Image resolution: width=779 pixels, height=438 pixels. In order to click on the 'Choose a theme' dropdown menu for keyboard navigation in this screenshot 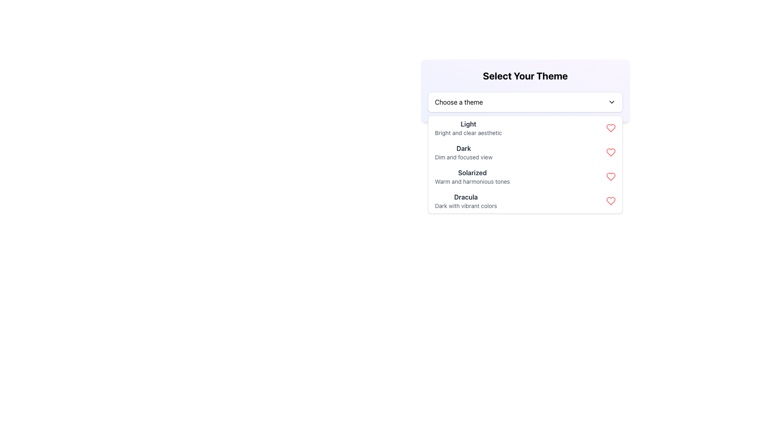, I will do `click(525, 101)`.